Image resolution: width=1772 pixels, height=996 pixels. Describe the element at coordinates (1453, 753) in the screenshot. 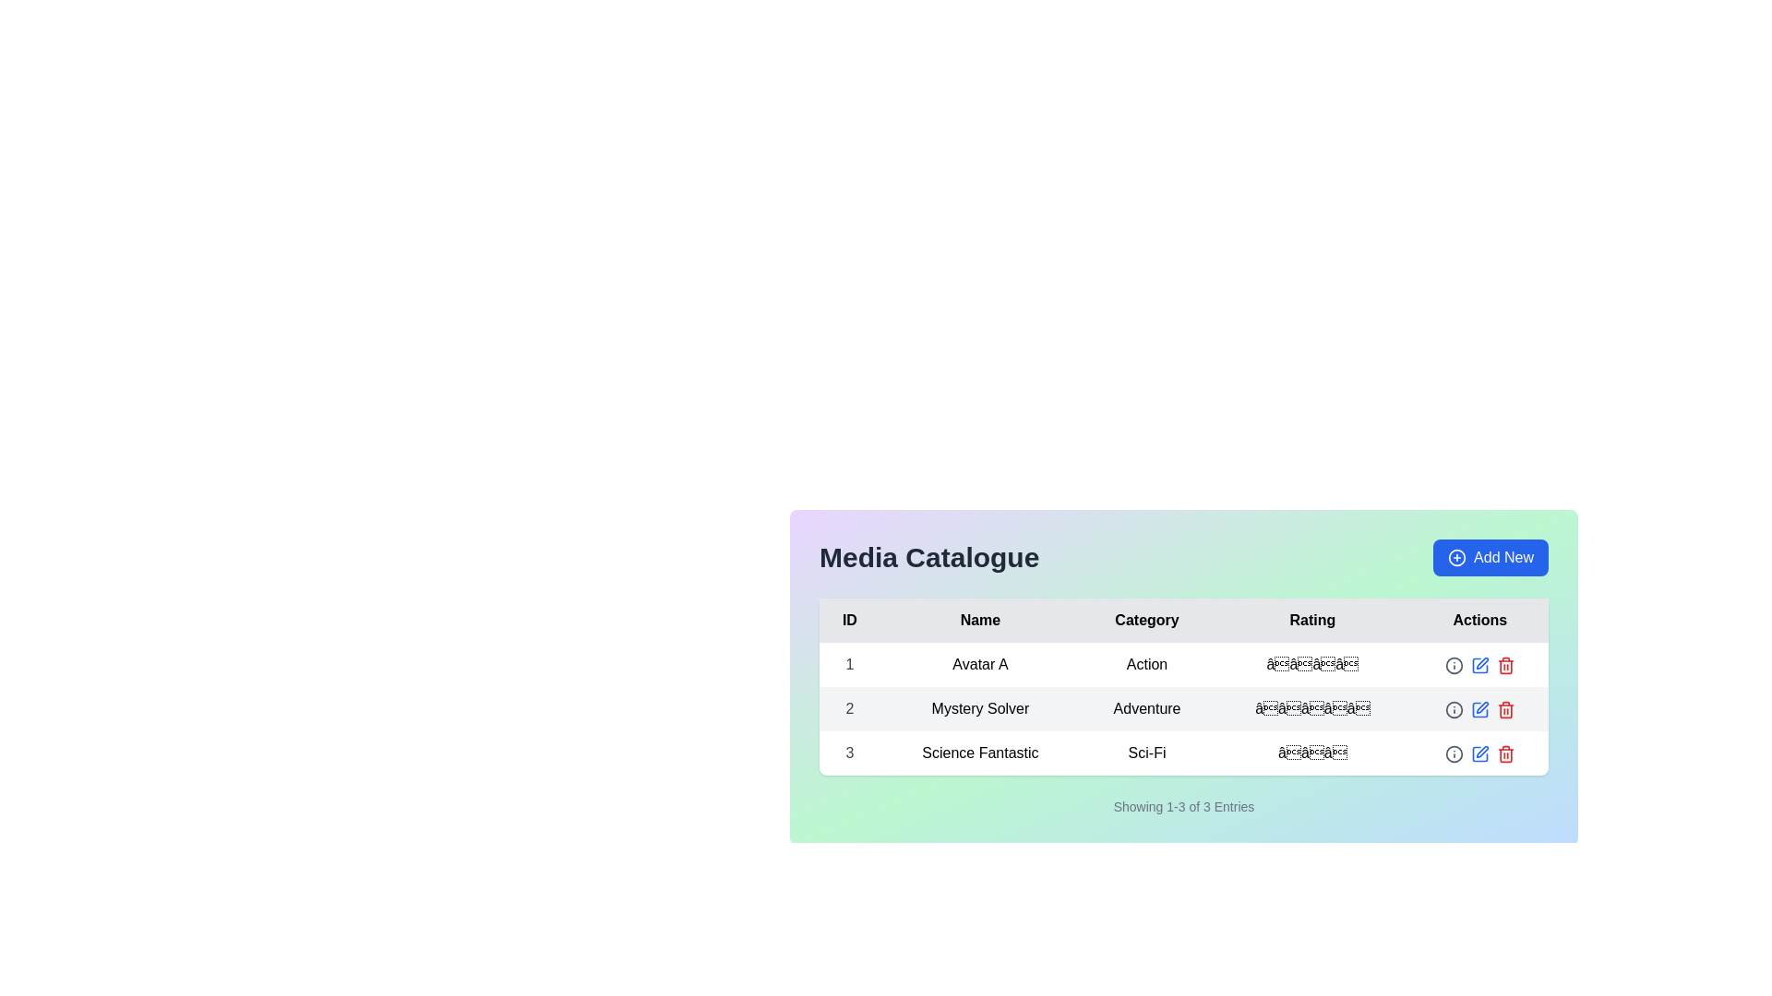

I see `the informational icon in the 'Actions' column of the second row for the 'Adventure' category` at that location.